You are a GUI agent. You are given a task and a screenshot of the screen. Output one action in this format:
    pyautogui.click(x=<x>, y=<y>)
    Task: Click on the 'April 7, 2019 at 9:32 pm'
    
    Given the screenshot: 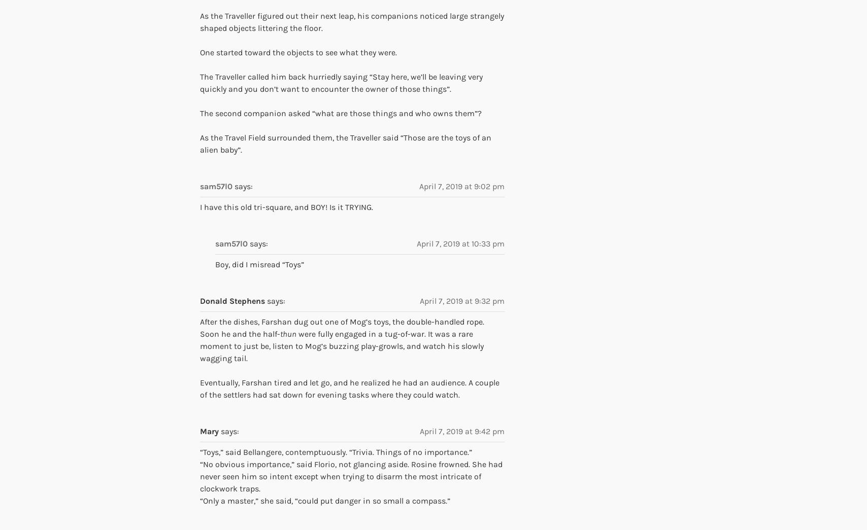 What is the action you would take?
    pyautogui.click(x=462, y=300)
    